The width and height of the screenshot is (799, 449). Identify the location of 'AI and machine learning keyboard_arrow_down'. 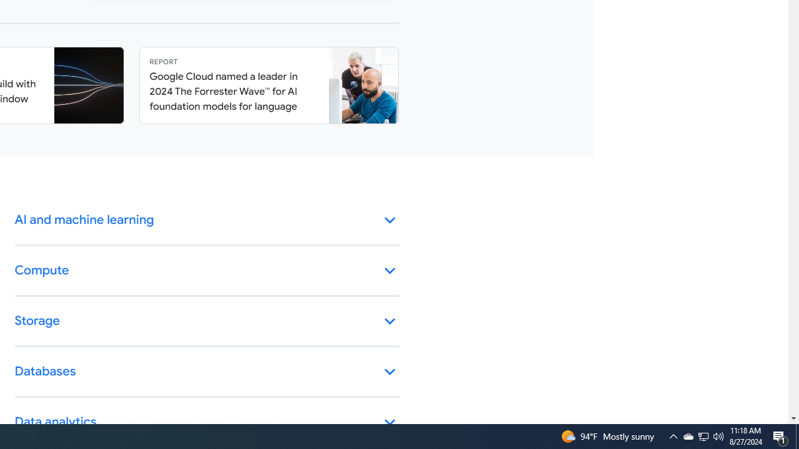
(207, 220).